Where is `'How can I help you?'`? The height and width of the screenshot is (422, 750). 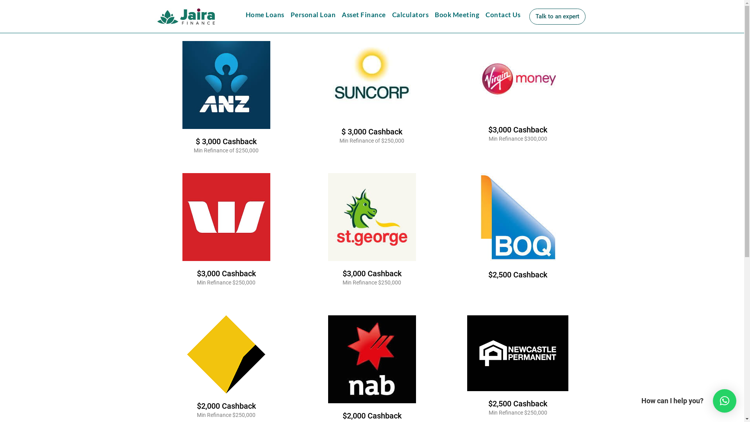 'How can I help you?' is located at coordinates (724, 401).